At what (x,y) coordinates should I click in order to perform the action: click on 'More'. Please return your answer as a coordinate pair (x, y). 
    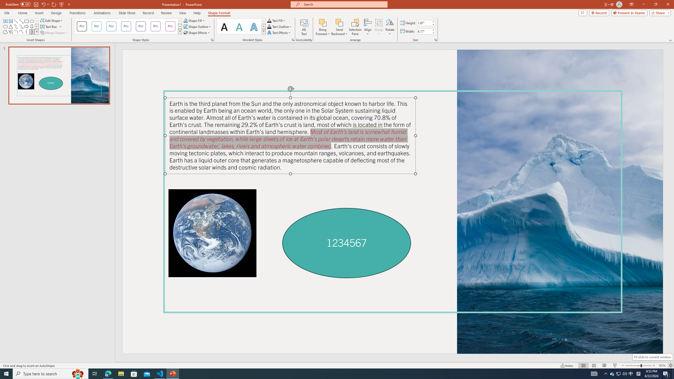
    Looking at the image, I should click on (433, 30).